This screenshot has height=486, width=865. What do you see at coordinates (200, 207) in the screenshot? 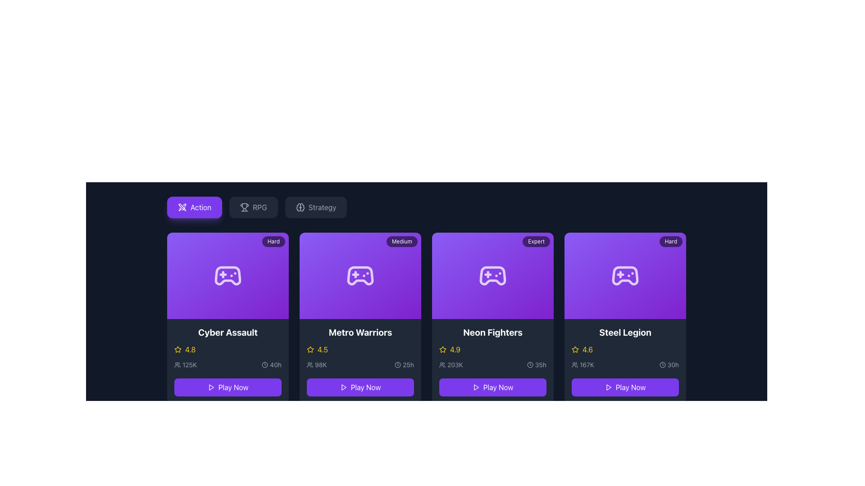
I see `the violet button that contains the text label indicating a category or tag, positioned at the center-right of the button in the top-left corner of the interface` at bounding box center [200, 207].